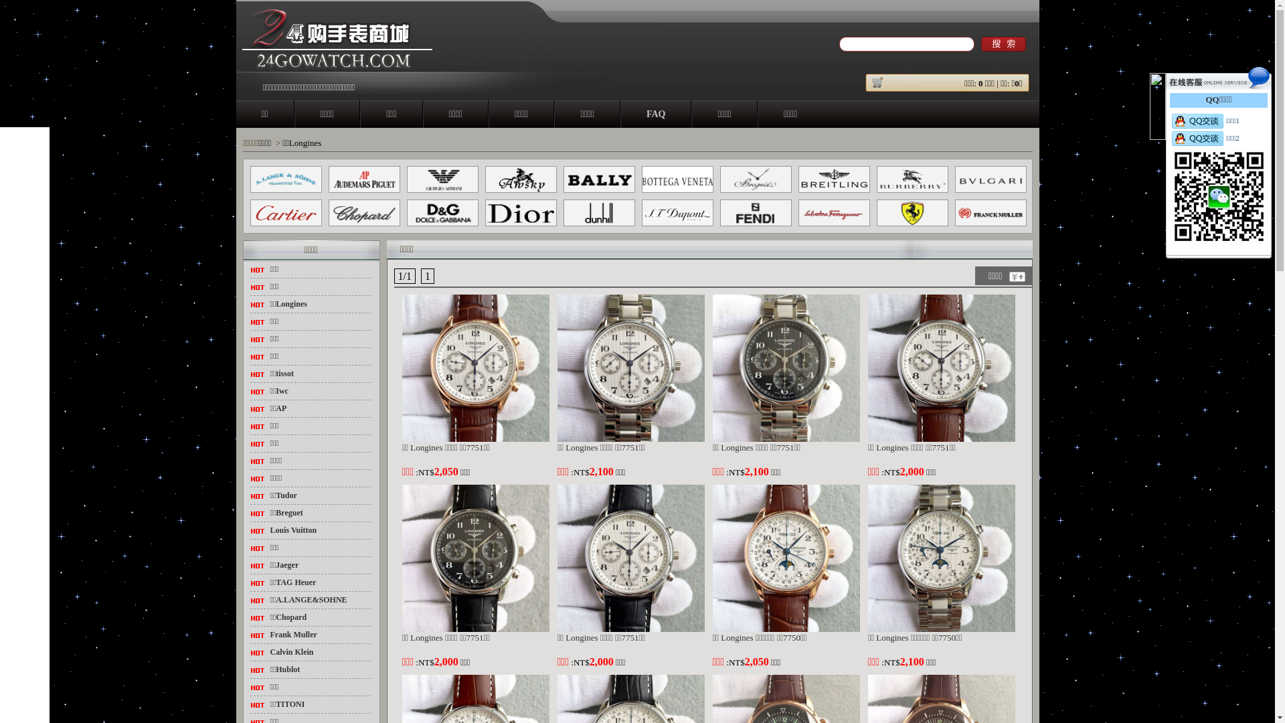 The height and width of the screenshot is (723, 1285). Describe the element at coordinates (426, 275) in the screenshot. I see `'1'` at that location.